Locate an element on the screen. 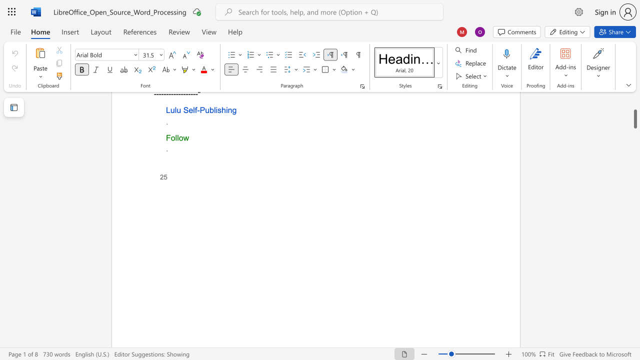  the scrollbar to slide the page up is located at coordinates (634, 105).